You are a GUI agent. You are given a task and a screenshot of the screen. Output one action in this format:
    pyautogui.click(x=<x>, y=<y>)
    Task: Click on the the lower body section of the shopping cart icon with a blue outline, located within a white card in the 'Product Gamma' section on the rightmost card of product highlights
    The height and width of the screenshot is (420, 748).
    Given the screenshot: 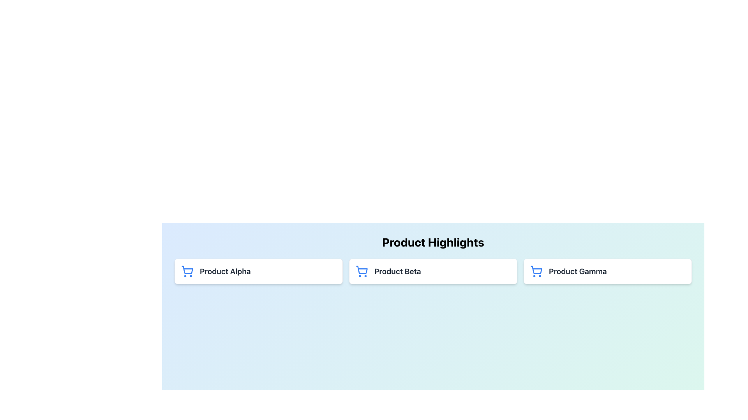 What is the action you would take?
    pyautogui.click(x=536, y=269)
    